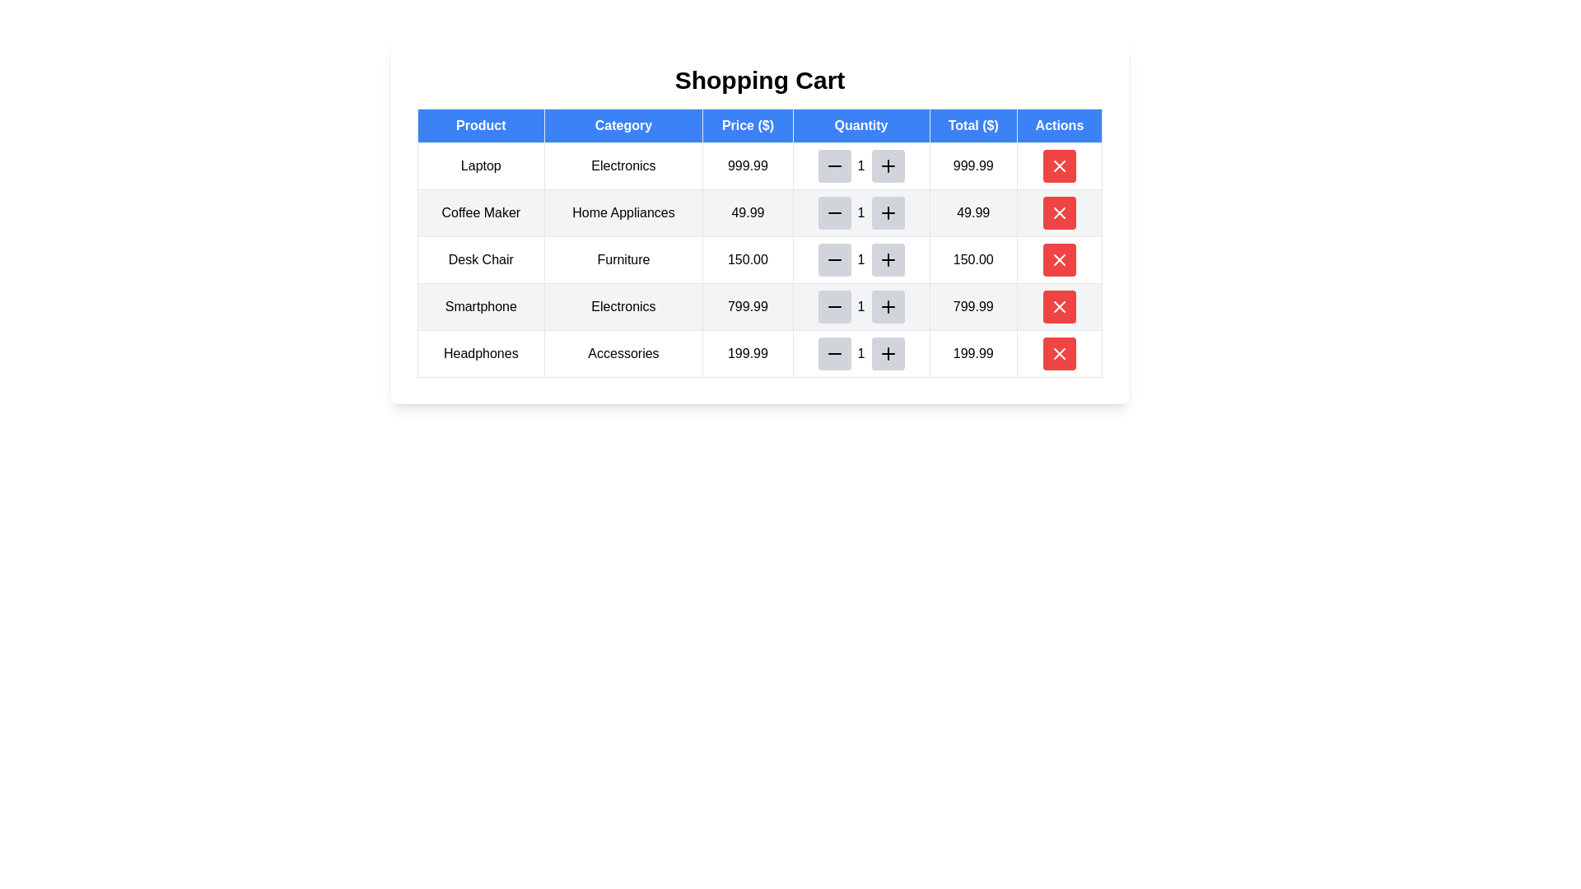 Image resolution: width=1581 pixels, height=889 pixels. I want to click on the text label displaying the number '1' in the shopping cart interface, located under the 'Quantity' column for the 'Laptop' item, so click(860, 165).